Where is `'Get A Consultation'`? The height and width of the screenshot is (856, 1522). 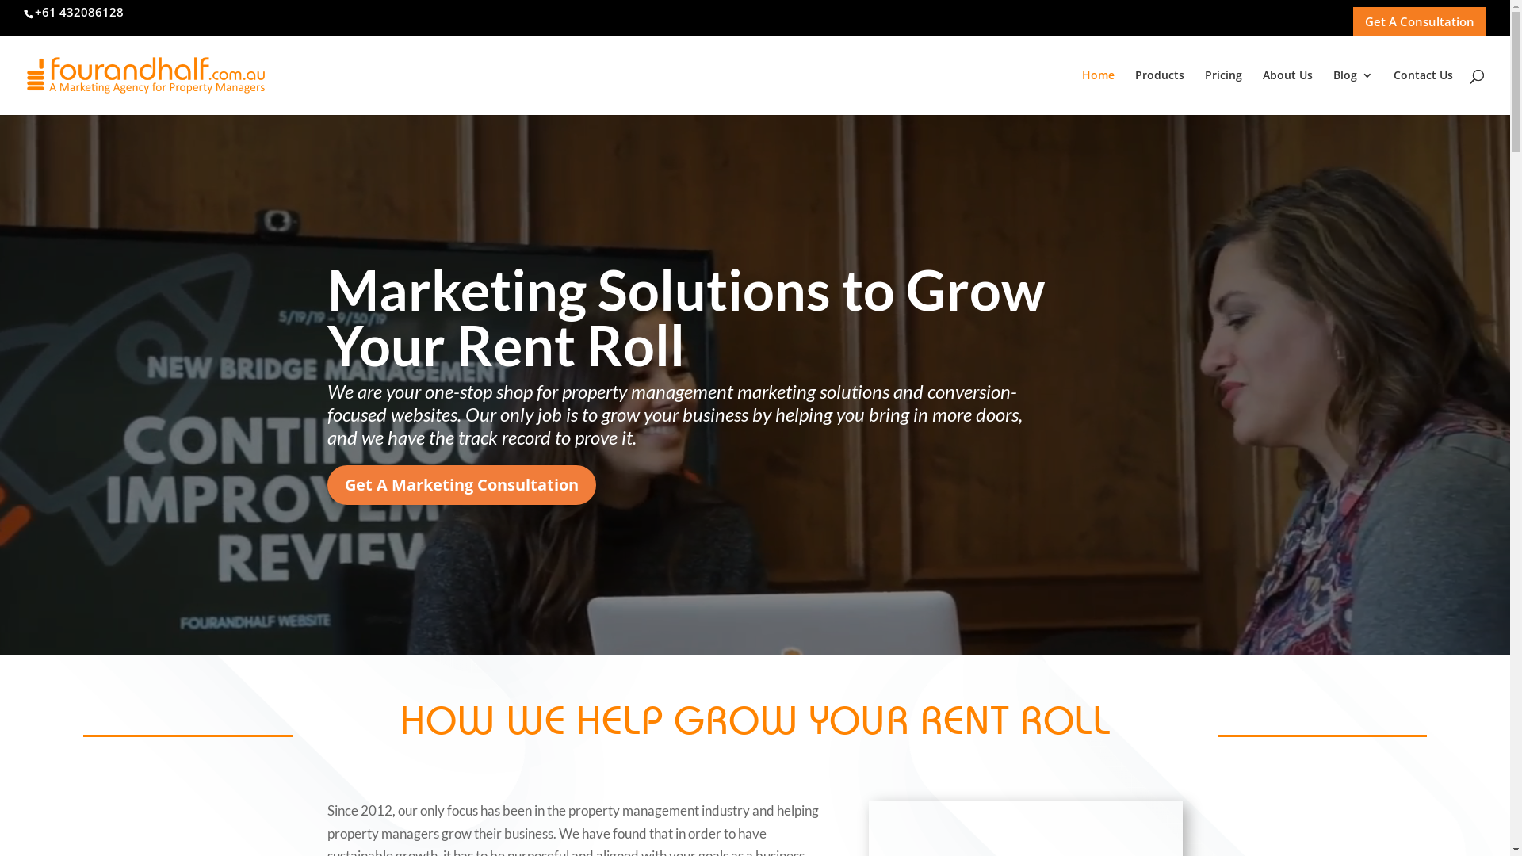 'Get A Consultation' is located at coordinates (1419, 21).